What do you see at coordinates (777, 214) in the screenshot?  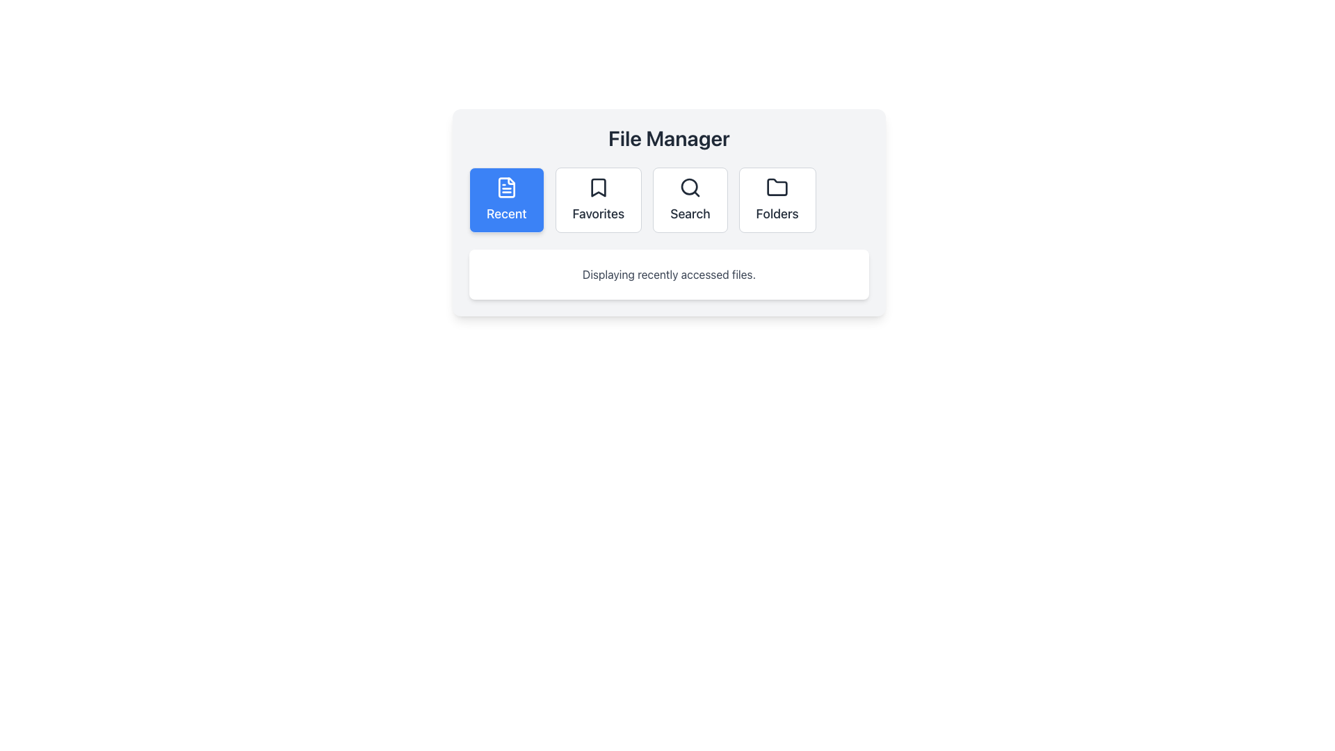 I see `the 'Folders' text label, which is styled in dark gray and part of an interactive card in the navigation bar` at bounding box center [777, 214].